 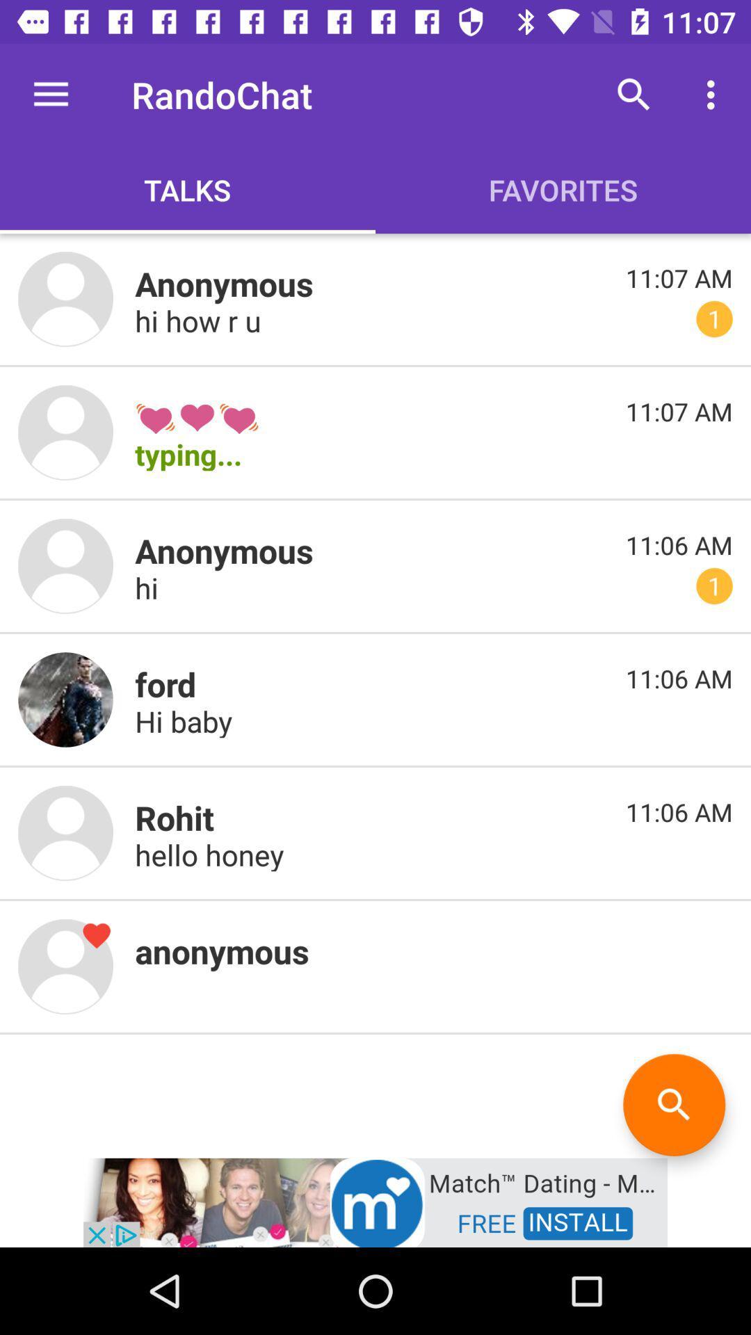 I want to click on profile, so click(x=65, y=566).